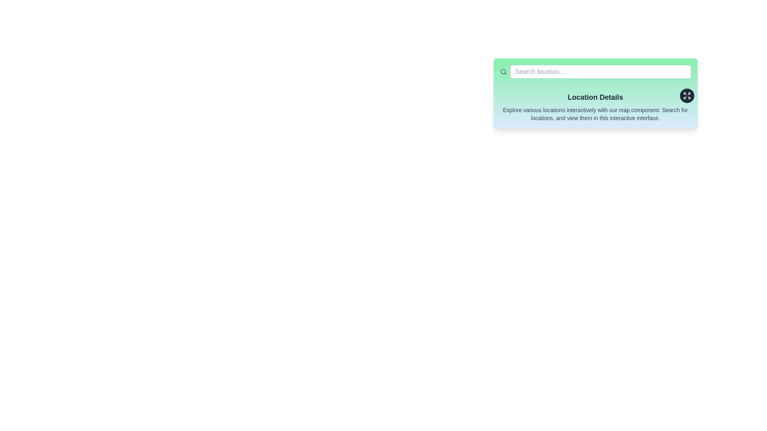 The height and width of the screenshot is (431, 767). What do you see at coordinates (595, 97) in the screenshot?
I see `heading text element 'Location Details' which is styled in bold serif font and located at the top of the card with a mint green background` at bounding box center [595, 97].